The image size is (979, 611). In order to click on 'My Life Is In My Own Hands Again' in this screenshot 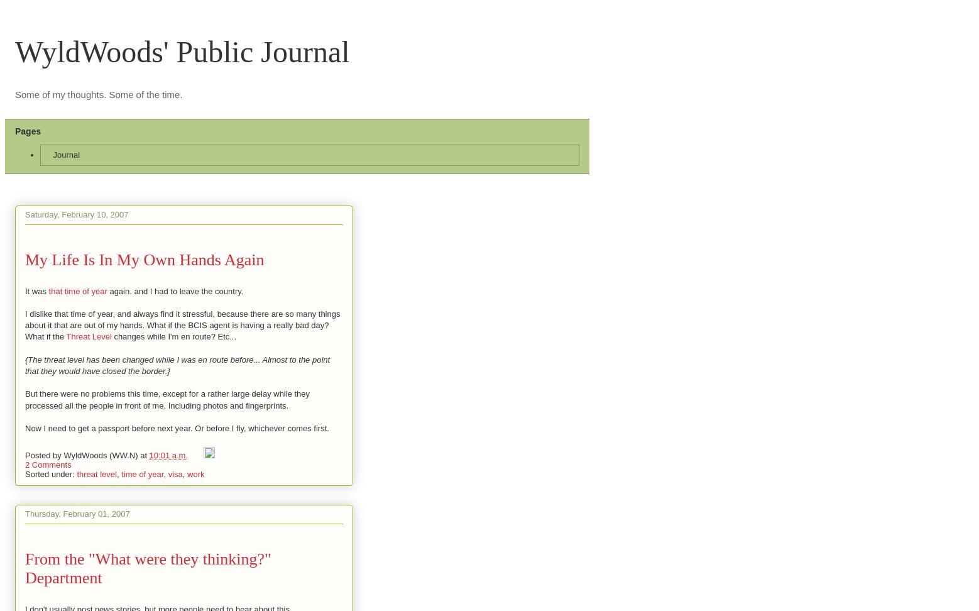, I will do `click(144, 259)`.